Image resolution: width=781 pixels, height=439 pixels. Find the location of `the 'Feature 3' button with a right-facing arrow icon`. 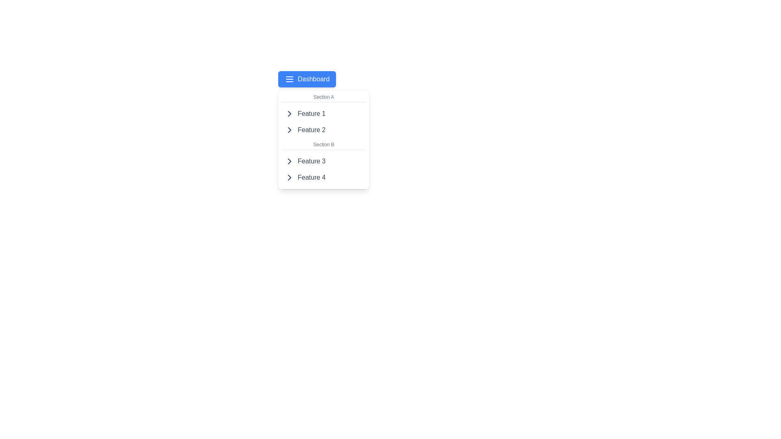

the 'Feature 3' button with a right-facing arrow icon is located at coordinates (323, 161).